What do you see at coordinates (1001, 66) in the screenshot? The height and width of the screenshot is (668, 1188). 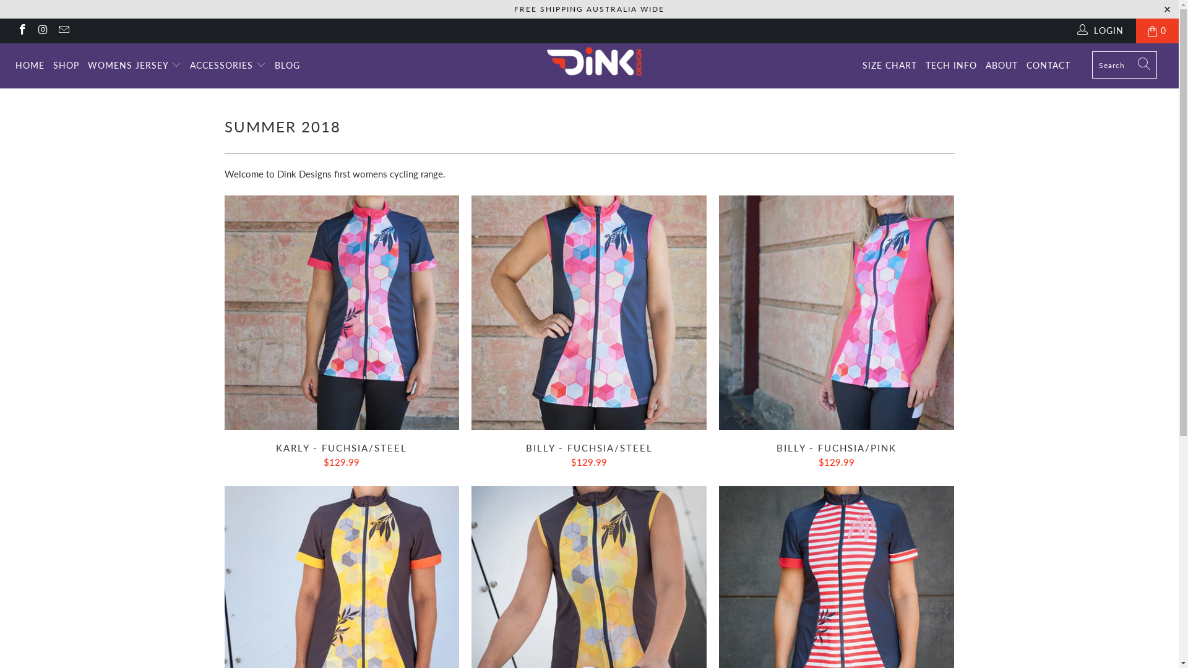 I see `'ABOUT'` at bounding box center [1001, 66].